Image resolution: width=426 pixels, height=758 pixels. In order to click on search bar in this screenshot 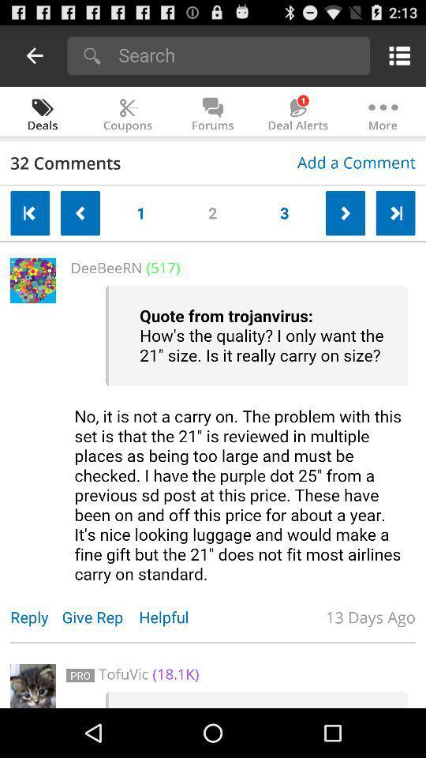, I will do `click(238, 54)`.